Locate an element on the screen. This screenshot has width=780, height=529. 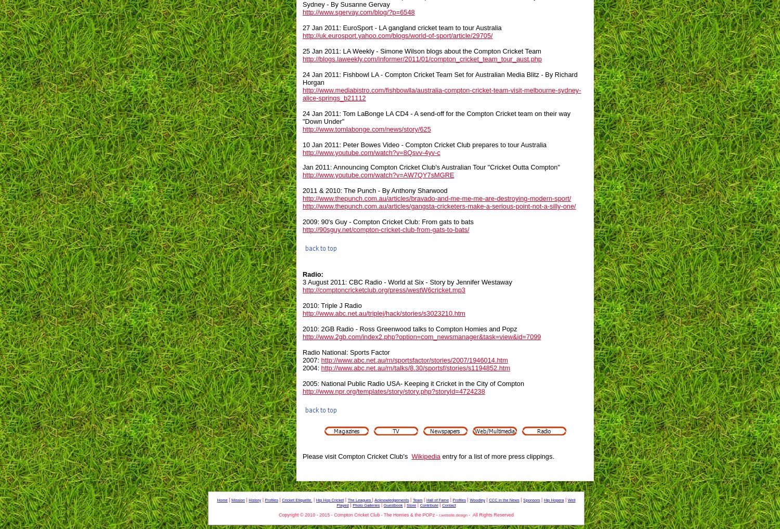
'Radio National: Sports Factor' is located at coordinates (346, 352).